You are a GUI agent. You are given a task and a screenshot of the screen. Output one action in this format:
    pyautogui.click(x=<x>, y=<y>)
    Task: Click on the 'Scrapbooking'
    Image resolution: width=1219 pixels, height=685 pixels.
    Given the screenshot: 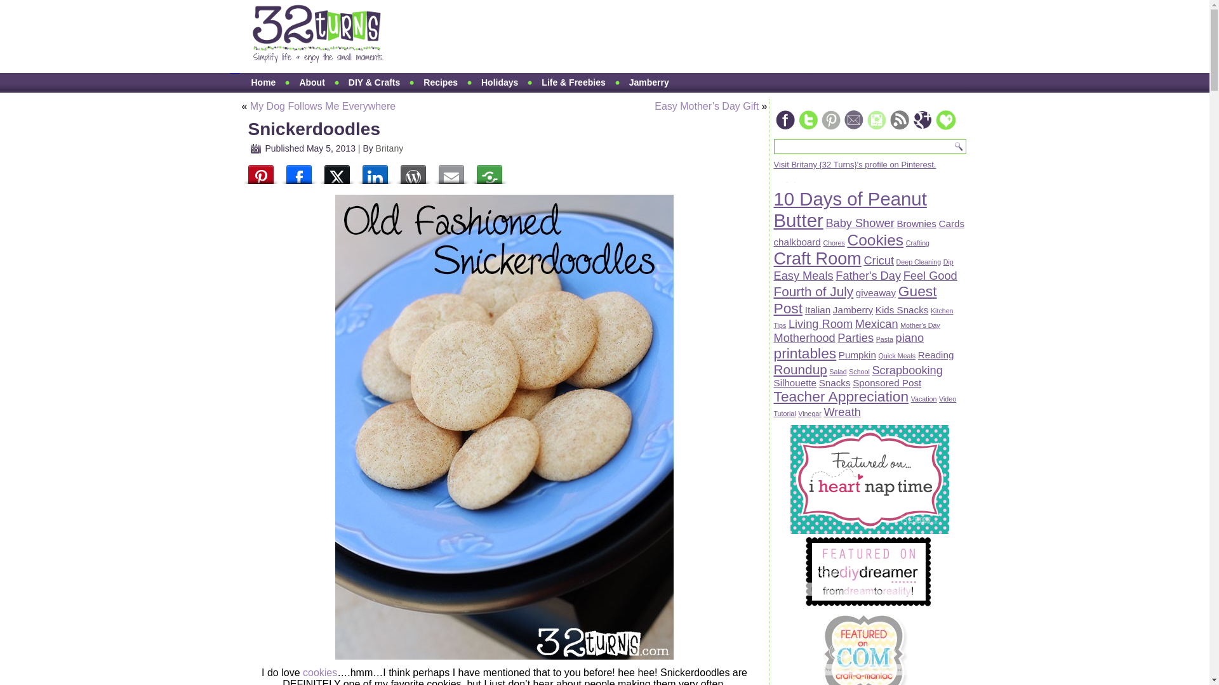 What is the action you would take?
    pyautogui.click(x=906, y=370)
    